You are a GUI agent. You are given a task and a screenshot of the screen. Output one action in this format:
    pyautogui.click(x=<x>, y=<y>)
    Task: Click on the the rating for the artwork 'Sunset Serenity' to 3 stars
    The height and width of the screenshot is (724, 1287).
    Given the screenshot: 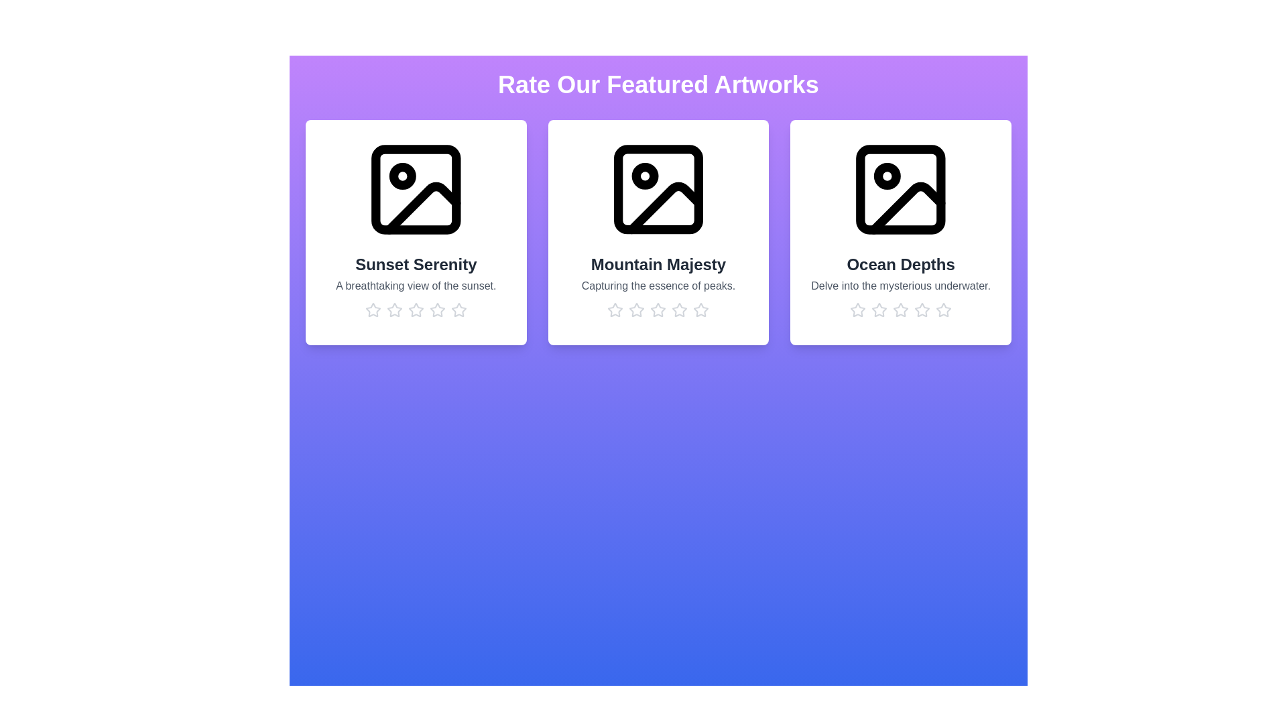 What is the action you would take?
    pyautogui.click(x=415, y=310)
    